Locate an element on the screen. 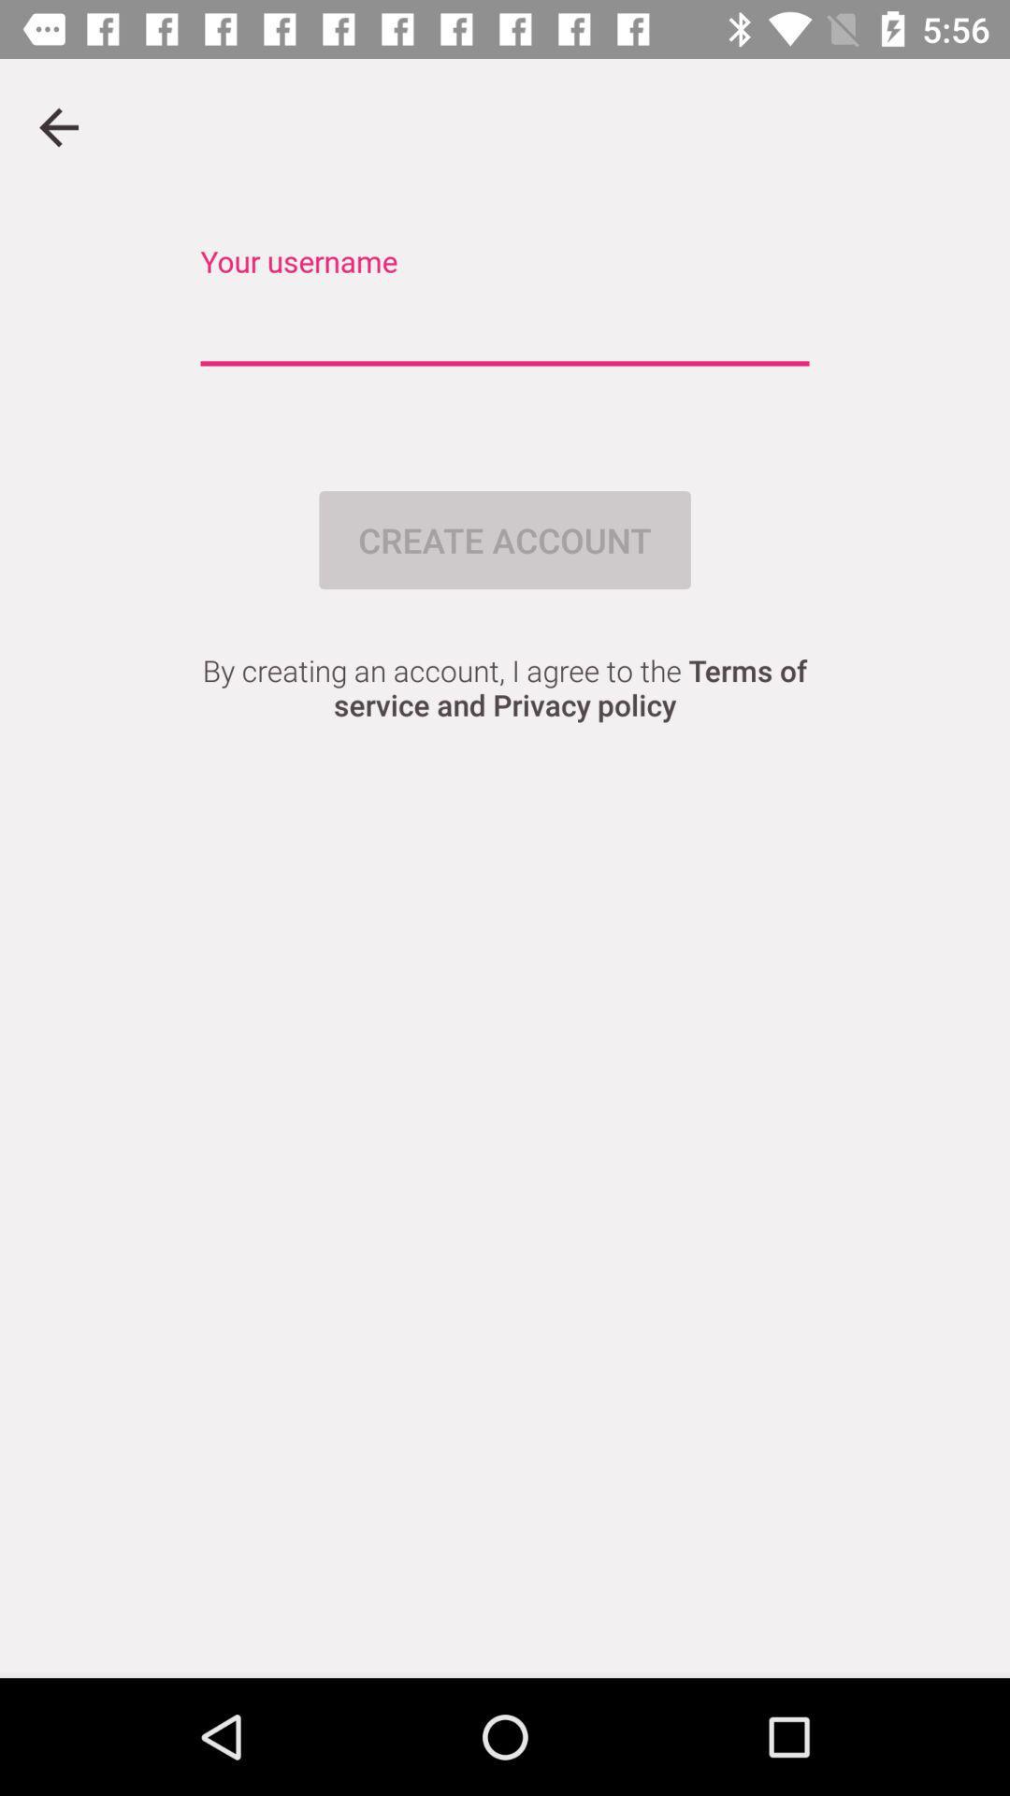 The width and height of the screenshot is (1010, 1796). username is located at coordinates (505, 327).